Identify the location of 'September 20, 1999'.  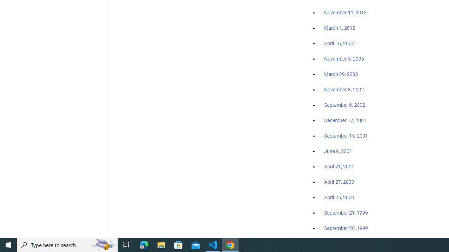
(346, 228).